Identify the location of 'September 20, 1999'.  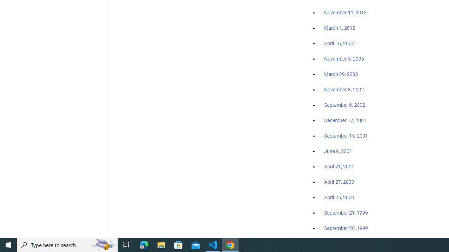
(346, 228).